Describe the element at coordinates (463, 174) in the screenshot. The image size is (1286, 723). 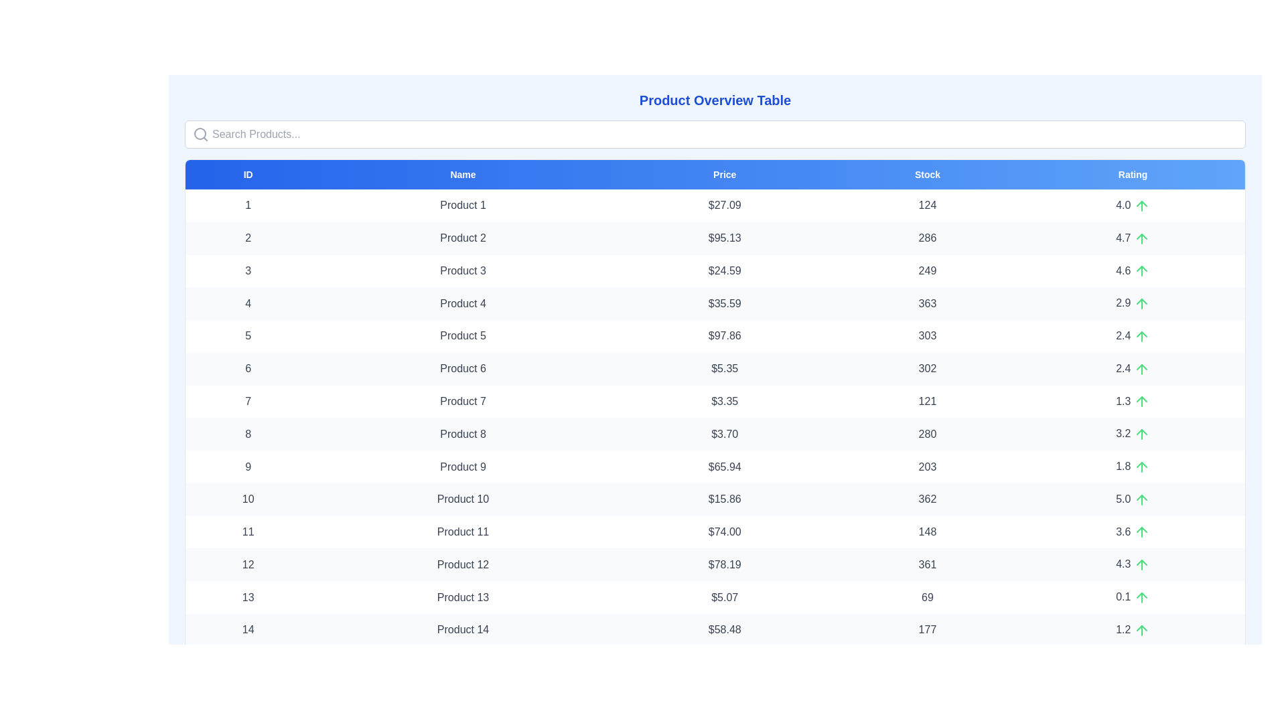
I see `the header labeled Name to sort the table by that column` at that location.